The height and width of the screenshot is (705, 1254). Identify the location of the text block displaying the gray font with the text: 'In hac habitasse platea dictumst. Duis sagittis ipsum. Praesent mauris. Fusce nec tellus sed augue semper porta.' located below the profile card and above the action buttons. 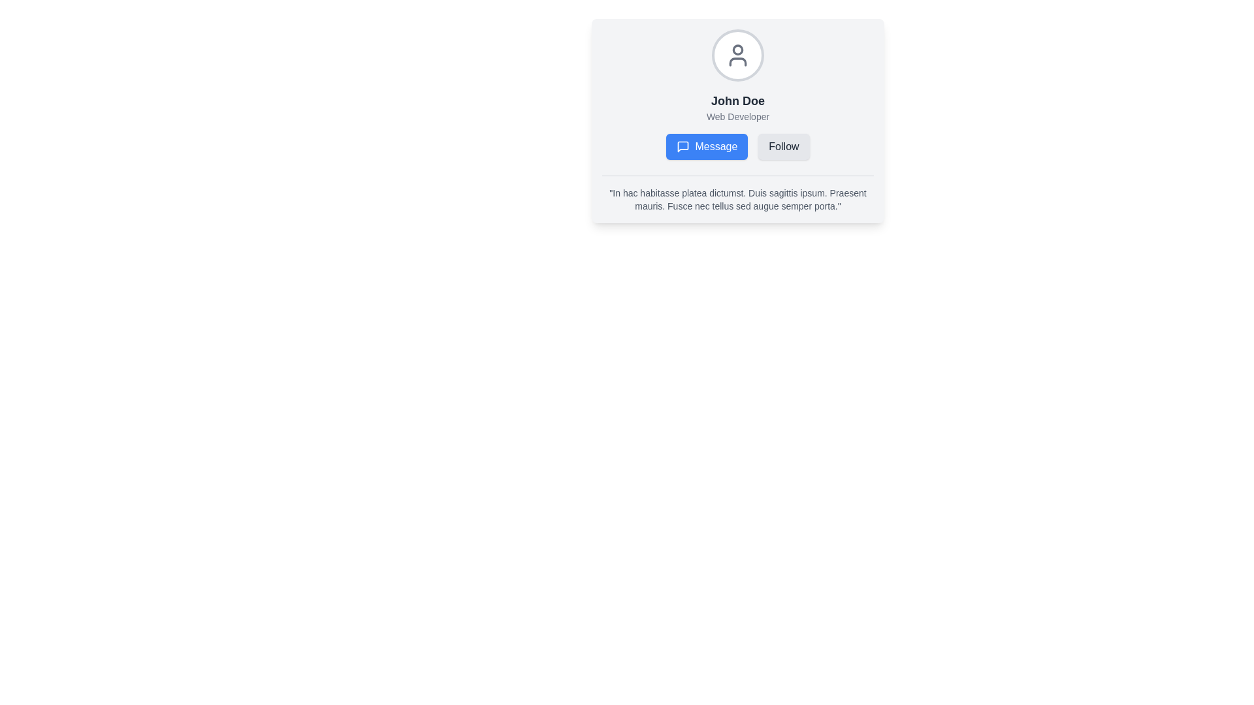
(737, 199).